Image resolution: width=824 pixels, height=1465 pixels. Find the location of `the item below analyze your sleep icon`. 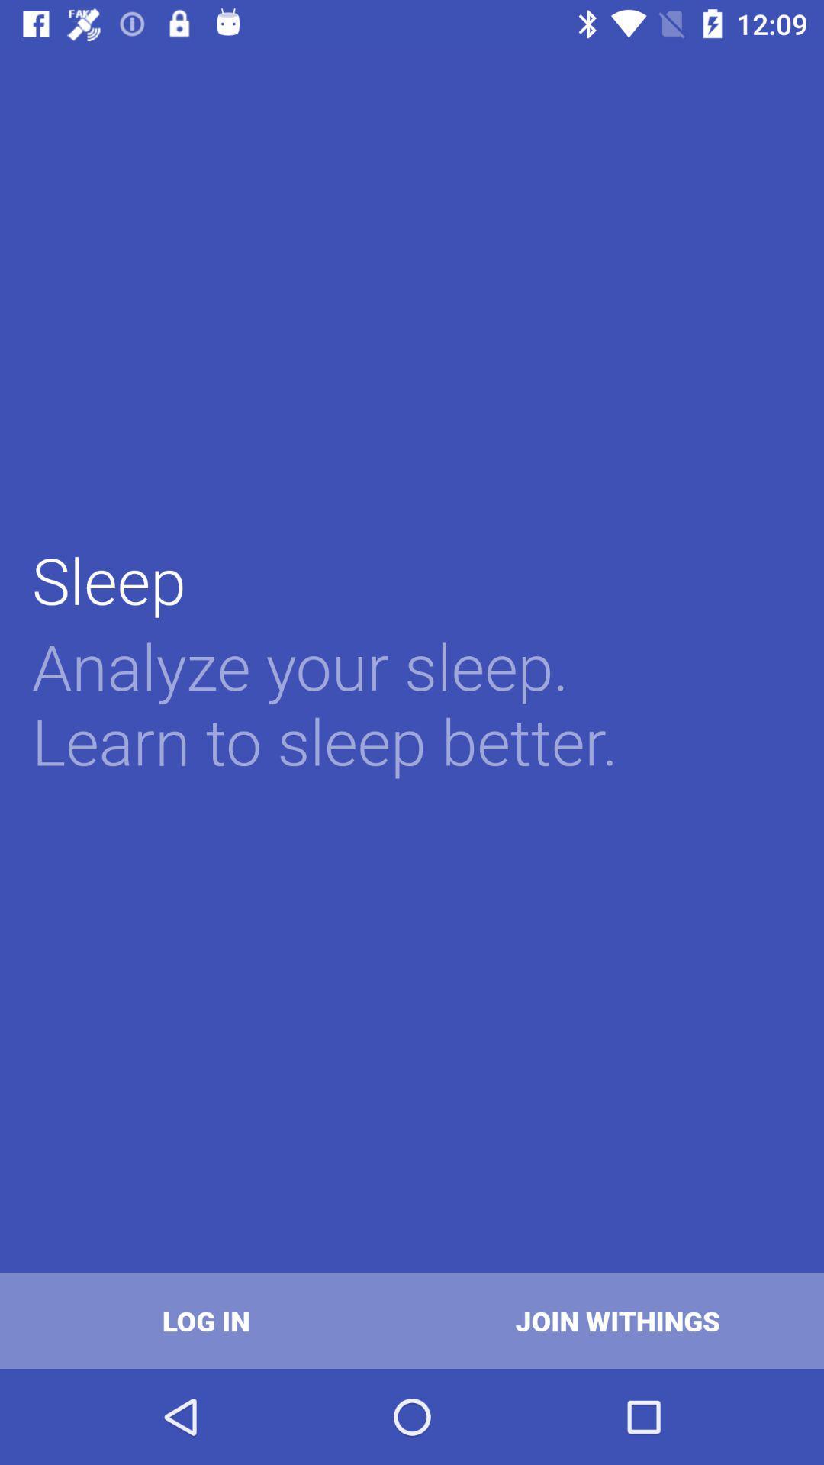

the item below analyze your sleep icon is located at coordinates (206, 1320).